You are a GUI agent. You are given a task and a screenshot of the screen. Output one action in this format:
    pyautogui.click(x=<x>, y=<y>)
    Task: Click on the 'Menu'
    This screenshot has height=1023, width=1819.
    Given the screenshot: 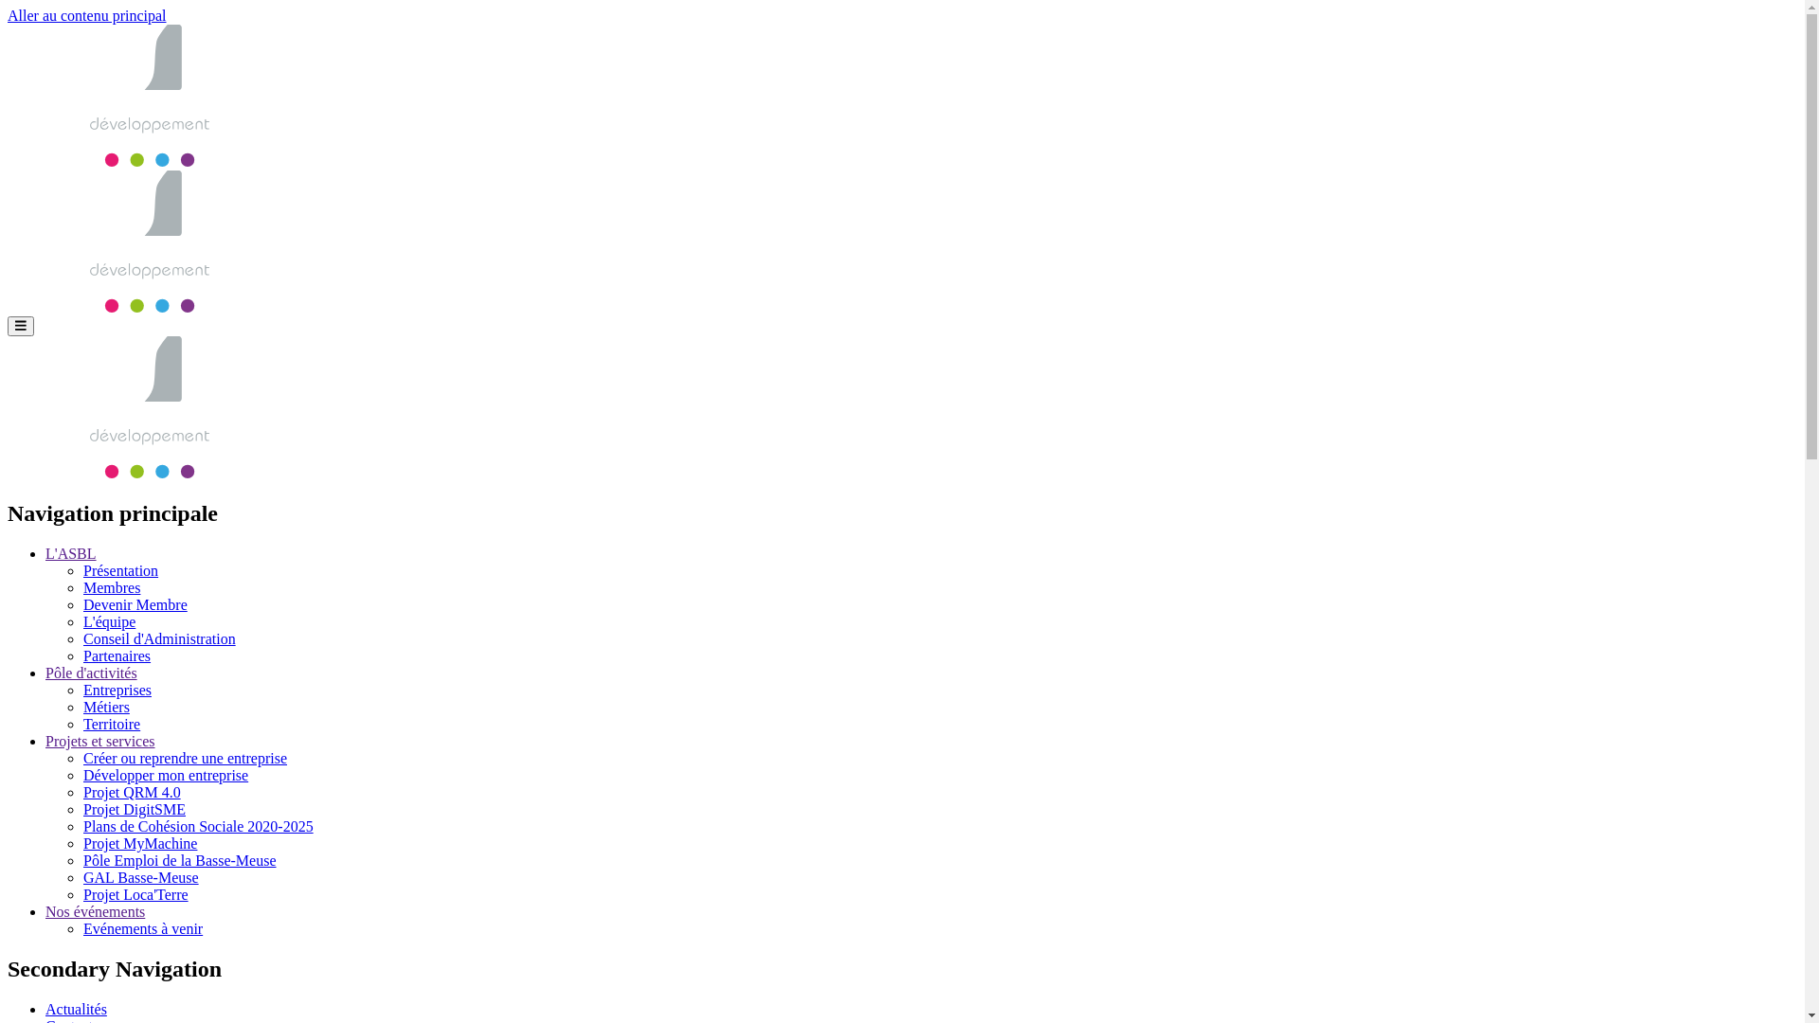 What is the action you would take?
    pyautogui.click(x=21, y=325)
    